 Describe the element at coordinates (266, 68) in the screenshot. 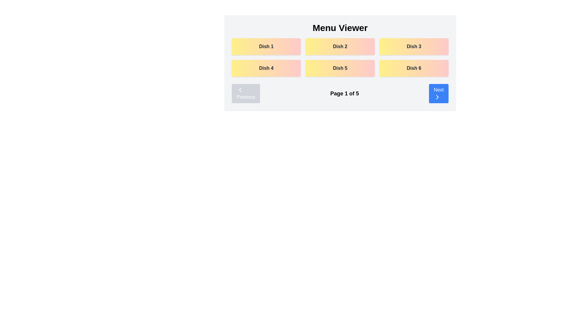

I see `the 'Dish 4' button for keyboard navigation` at that location.